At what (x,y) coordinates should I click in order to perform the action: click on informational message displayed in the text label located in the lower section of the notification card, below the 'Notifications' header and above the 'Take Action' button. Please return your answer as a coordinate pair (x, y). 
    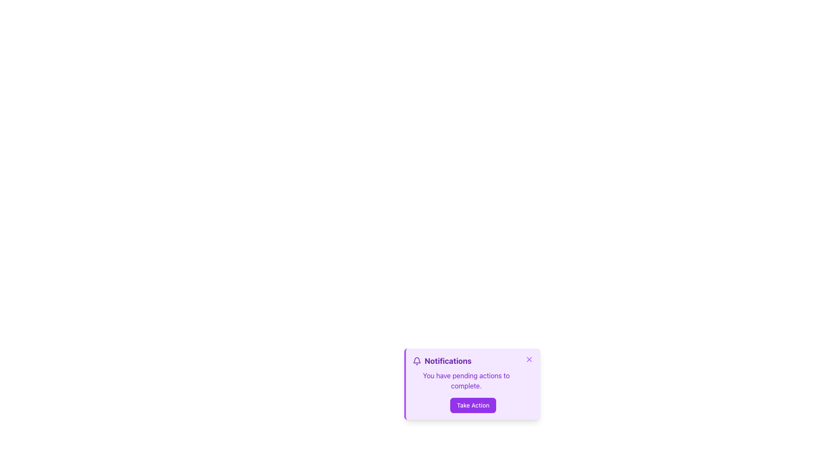
    Looking at the image, I should click on (466, 380).